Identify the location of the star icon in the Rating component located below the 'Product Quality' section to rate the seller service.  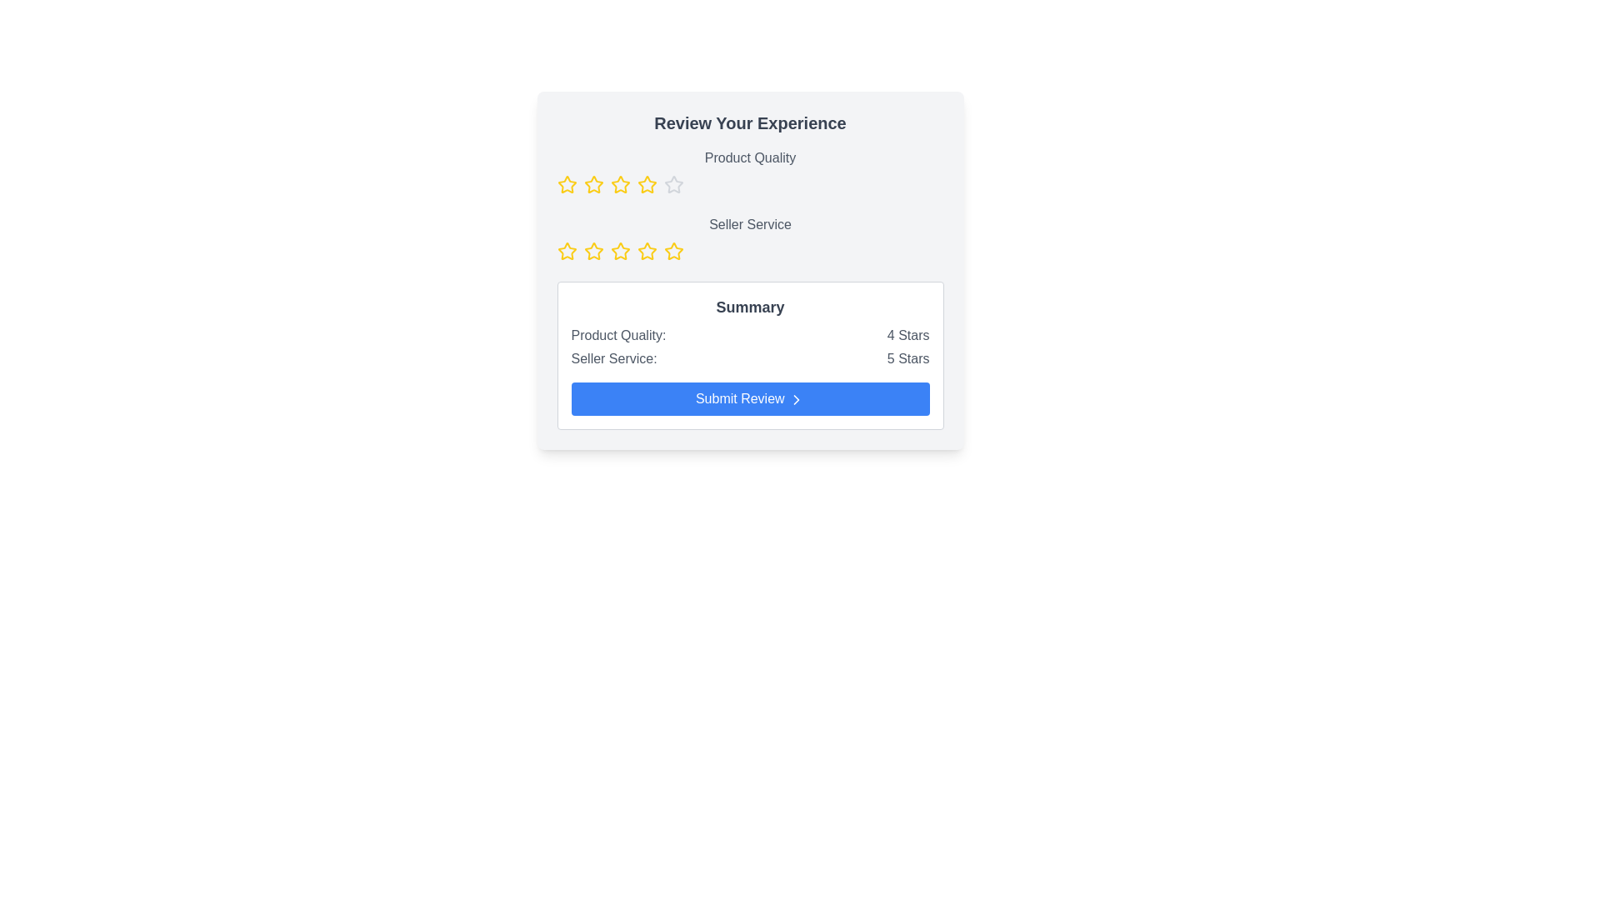
(749, 237).